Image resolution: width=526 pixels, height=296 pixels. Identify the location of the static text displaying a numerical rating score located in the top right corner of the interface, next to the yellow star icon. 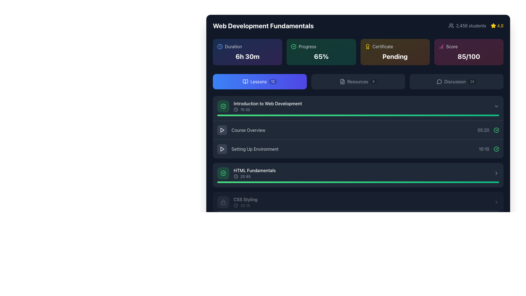
(500, 25).